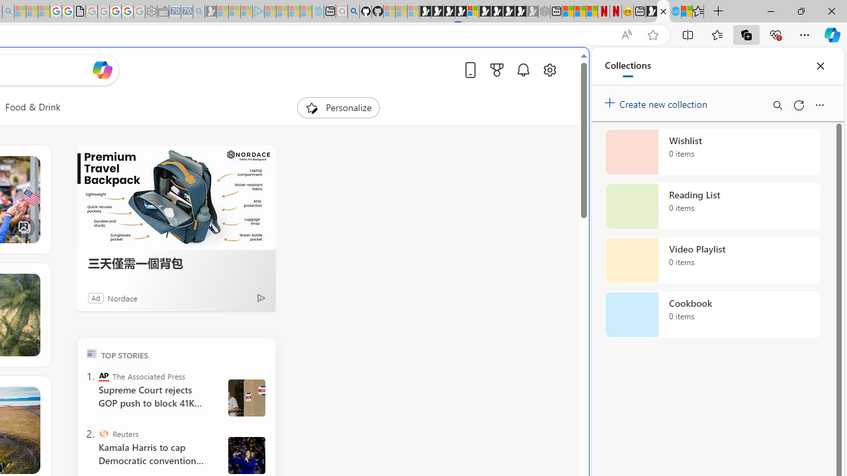  I want to click on ' Harris and Walz campaign in Wisconsin', so click(247, 455).